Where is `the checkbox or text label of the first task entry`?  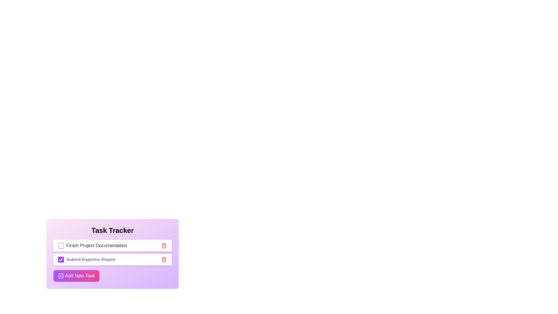
the checkbox or text label of the first task entry is located at coordinates (92, 245).